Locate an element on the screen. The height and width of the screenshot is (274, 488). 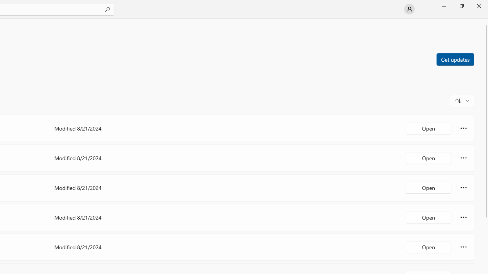
'More options' is located at coordinates (463, 247).